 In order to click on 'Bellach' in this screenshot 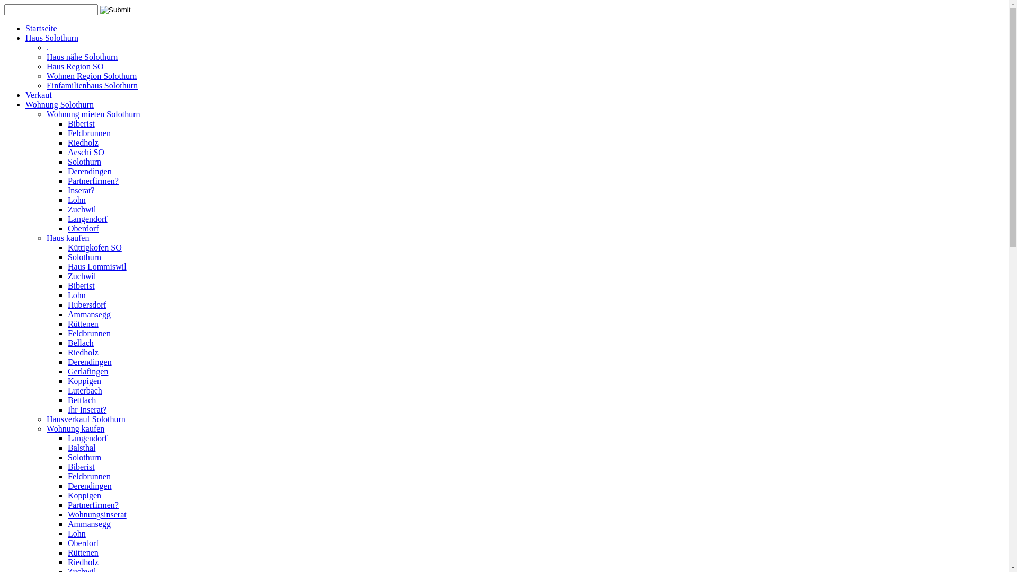, I will do `click(67, 343)`.